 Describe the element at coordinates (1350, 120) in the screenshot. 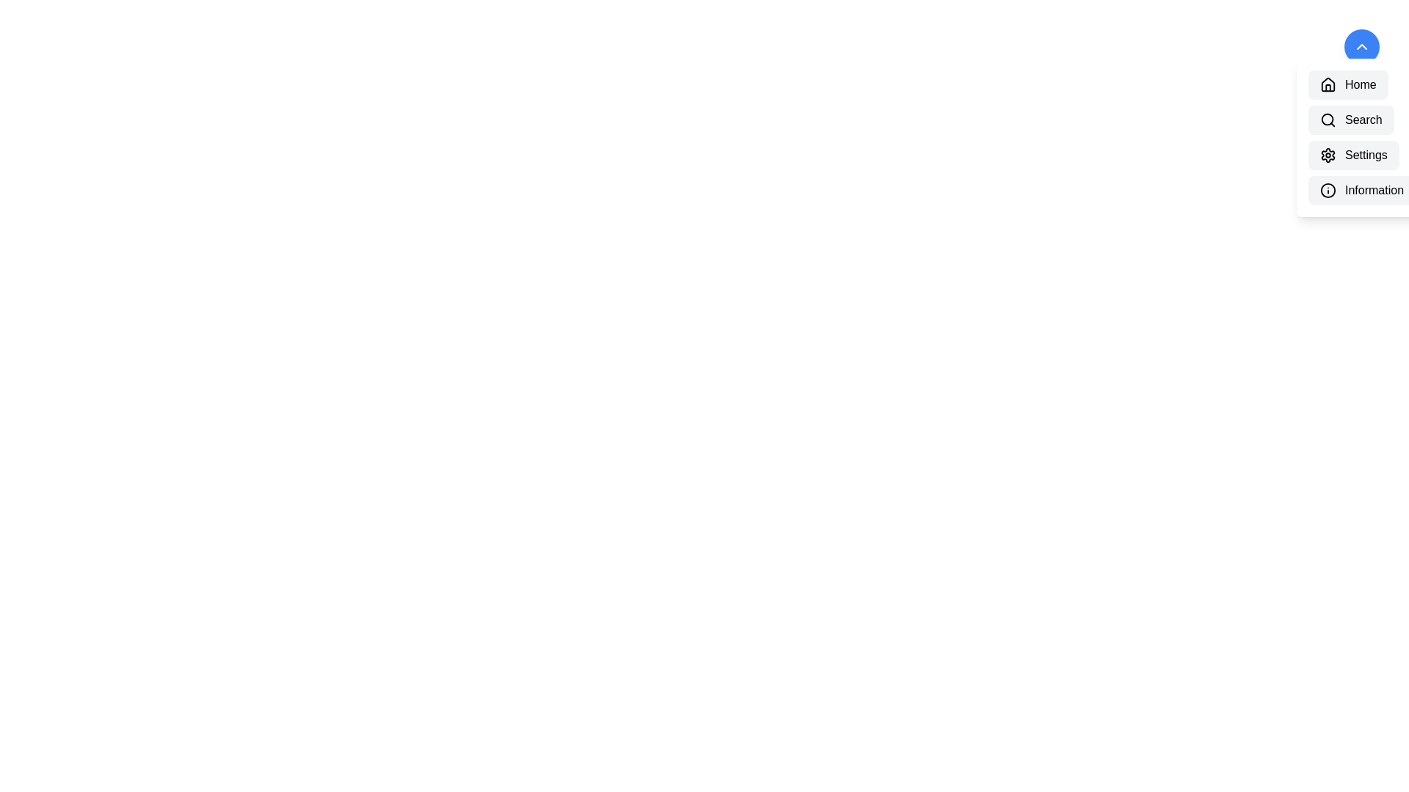

I see `the menu item labeled Search` at that location.